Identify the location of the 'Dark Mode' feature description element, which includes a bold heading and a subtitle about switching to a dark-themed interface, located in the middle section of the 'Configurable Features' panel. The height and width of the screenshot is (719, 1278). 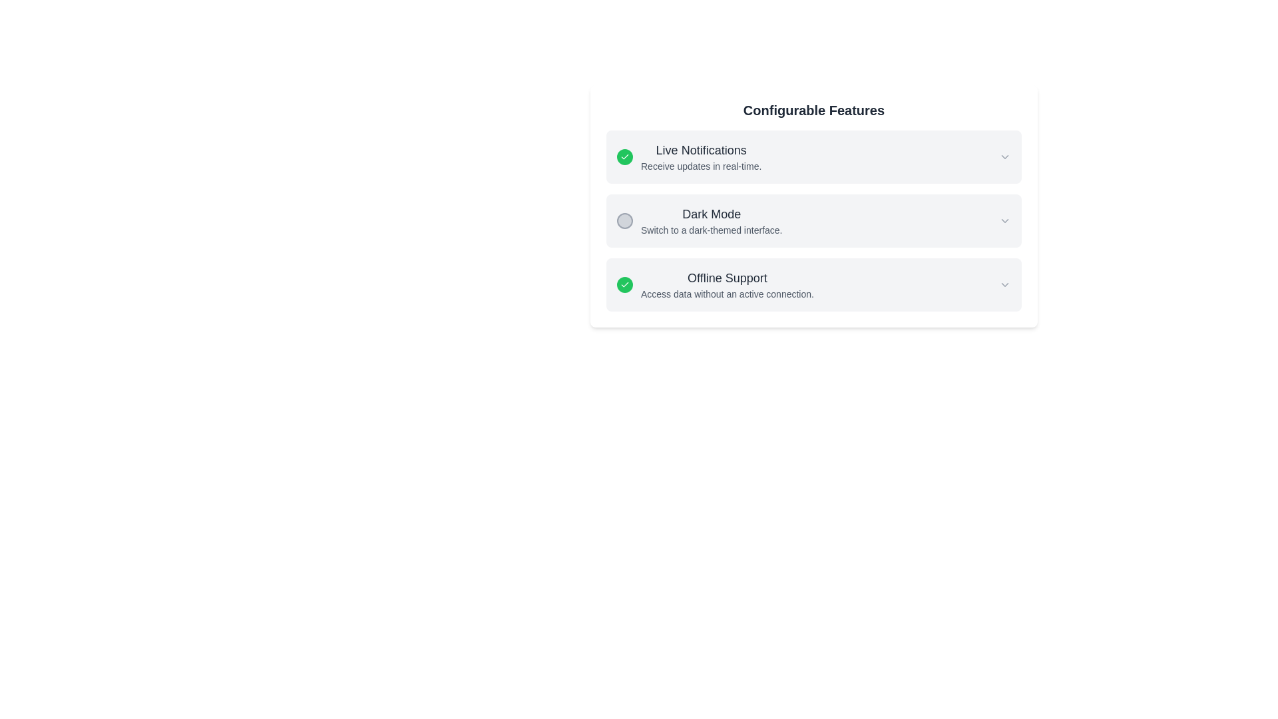
(699, 220).